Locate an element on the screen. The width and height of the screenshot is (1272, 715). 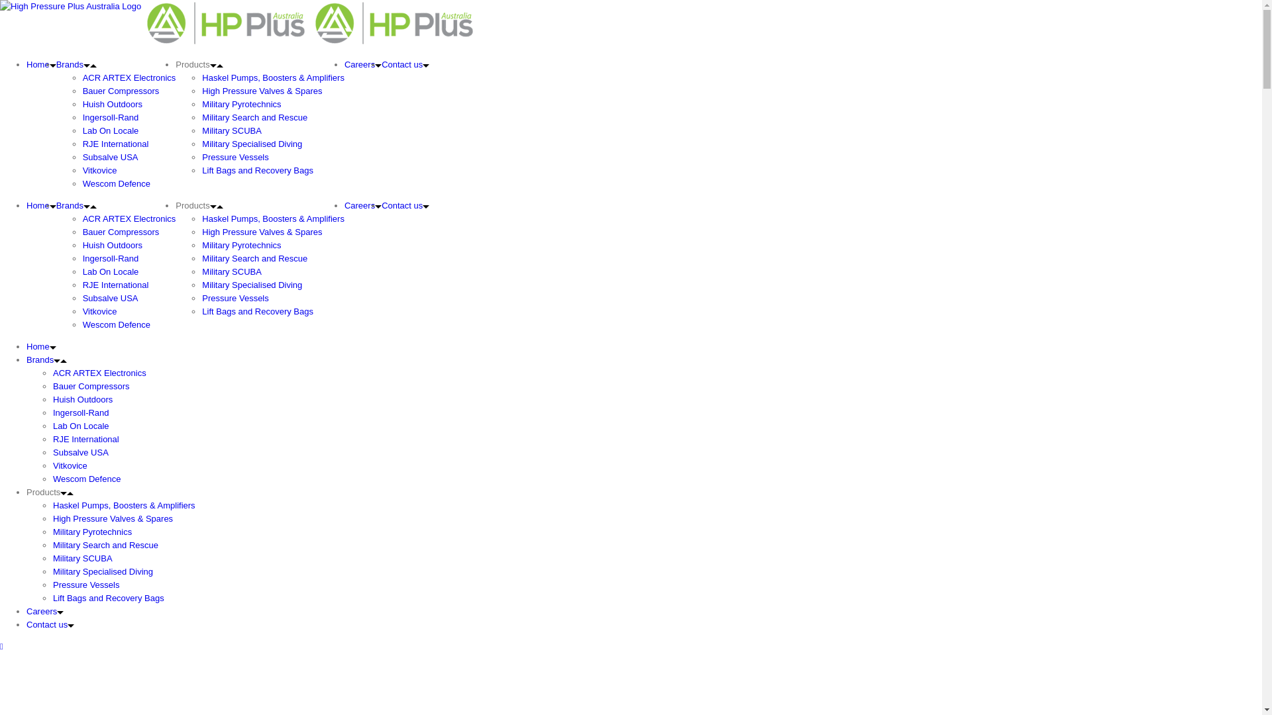
'Brands' is located at coordinates (26, 359).